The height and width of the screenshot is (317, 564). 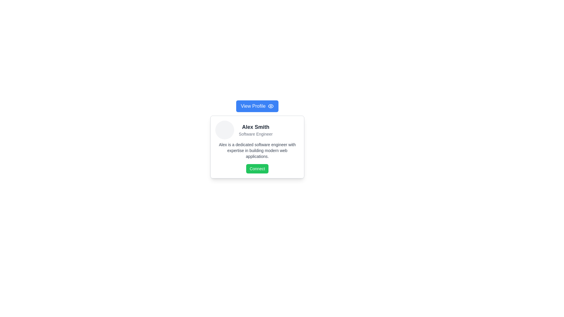 What do you see at coordinates (256, 130) in the screenshot?
I see `text label that provides the name and position title of a person for identification purposes, located in the center-top area of the card layout` at bounding box center [256, 130].